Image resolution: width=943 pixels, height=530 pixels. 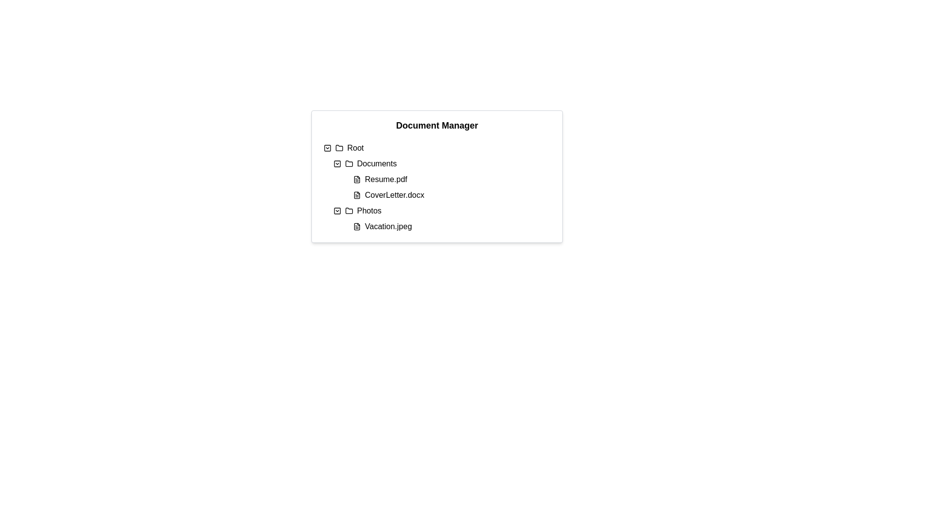 What do you see at coordinates (349, 210) in the screenshot?
I see `the folder icon located to the left of the 'Photos' label in the 'Document Manager' interface to visually associate it with the folder representation` at bounding box center [349, 210].